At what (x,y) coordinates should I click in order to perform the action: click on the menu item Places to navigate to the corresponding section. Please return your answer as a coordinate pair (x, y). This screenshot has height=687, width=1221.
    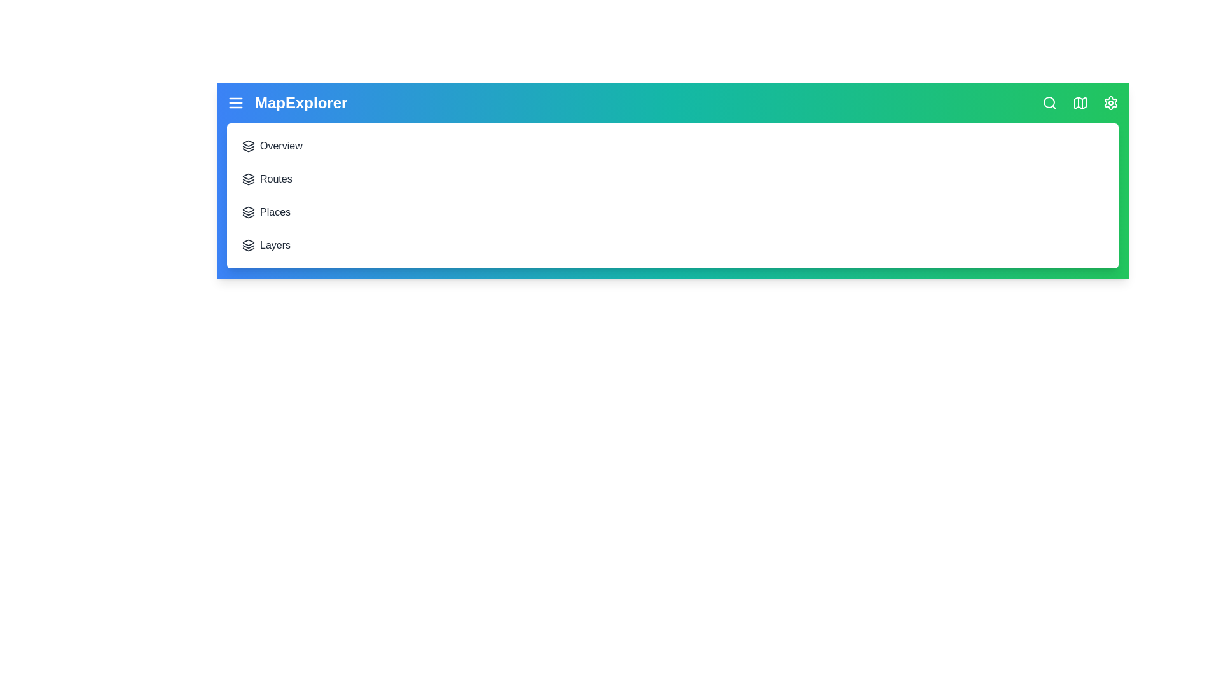
    Looking at the image, I should click on (248, 212).